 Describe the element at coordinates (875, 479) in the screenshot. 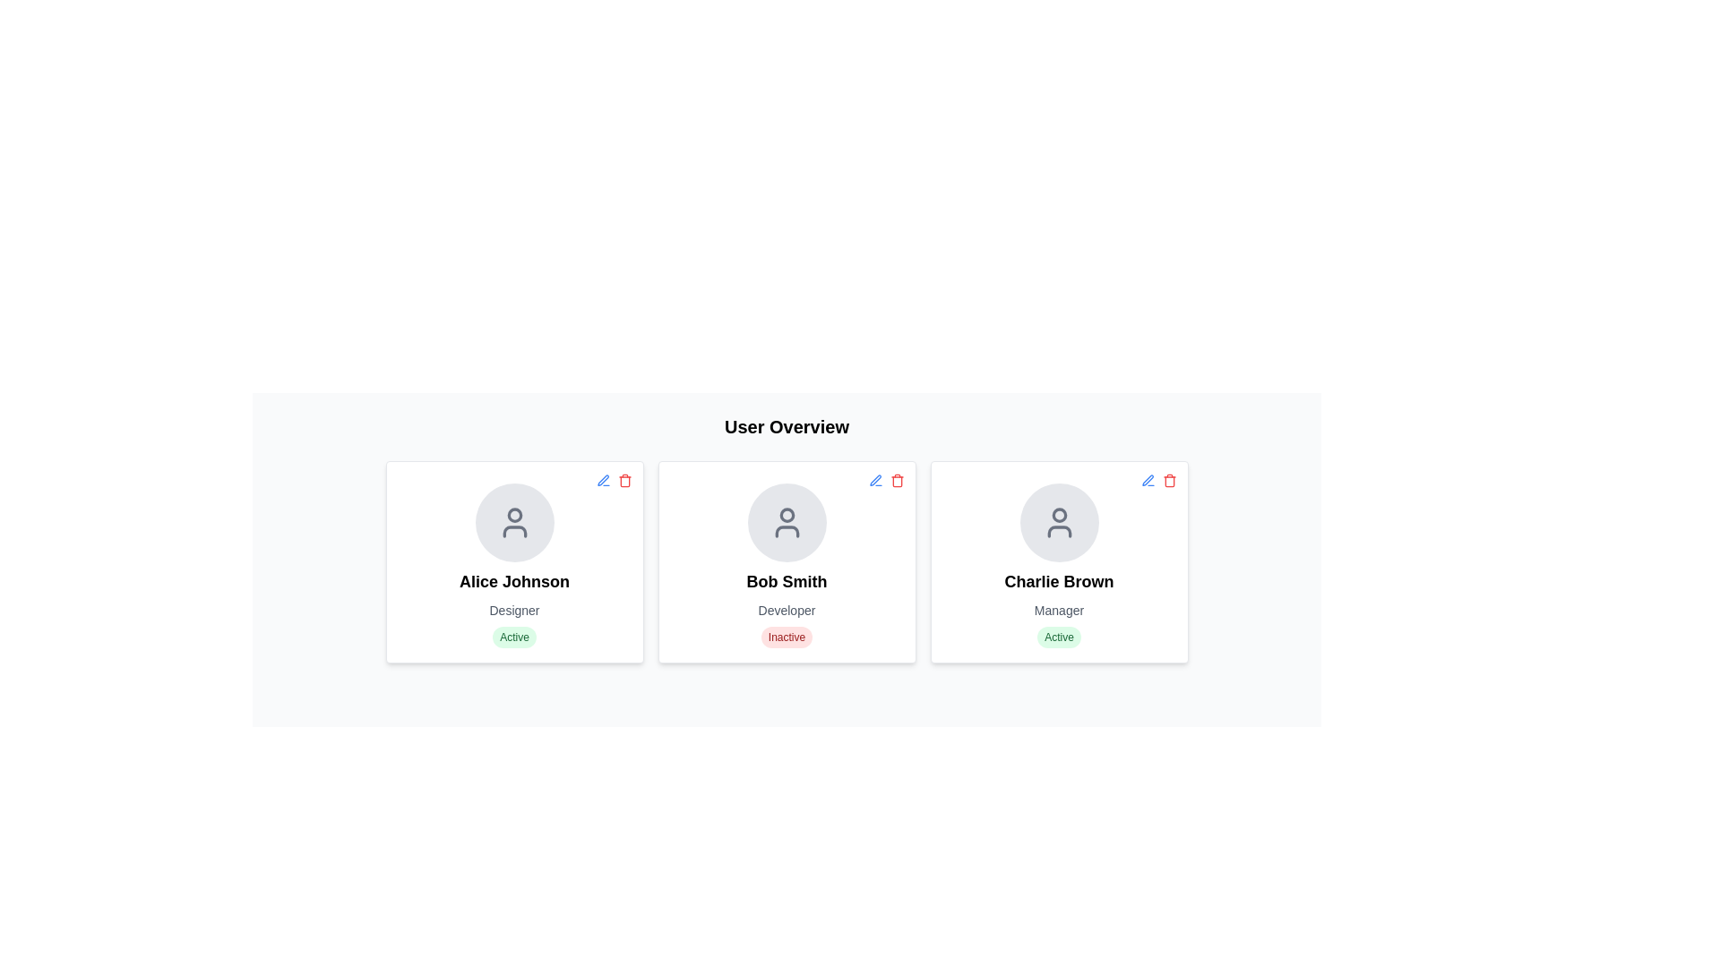

I see `the edit button represented by a blue pencil icon located in the top-right corner of Bob Smith's profile card` at that location.